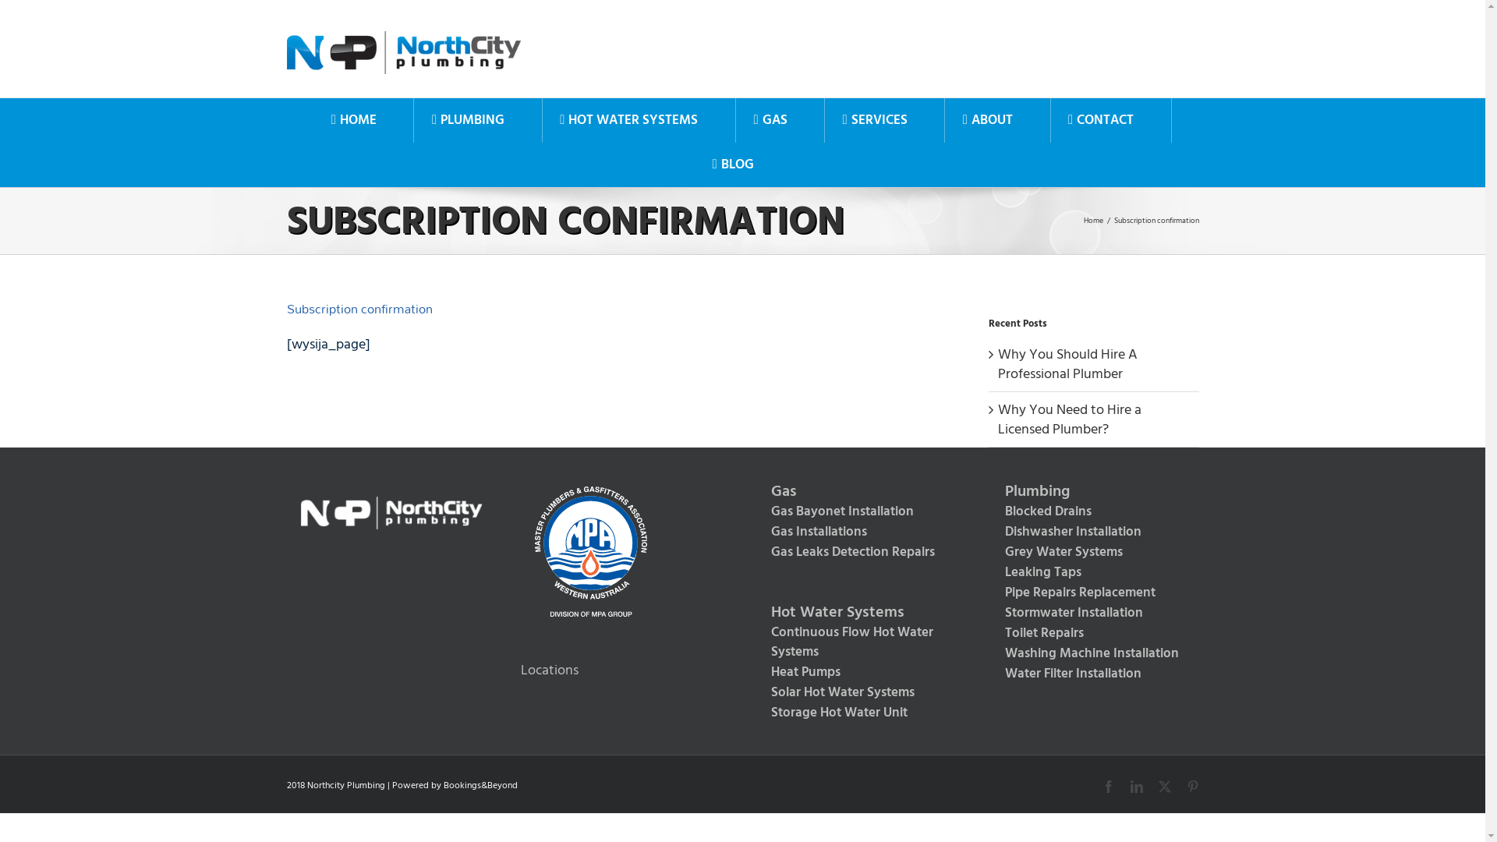 This screenshot has height=842, width=1497. What do you see at coordinates (755, 713) in the screenshot?
I see `'Storage Hot Water Unit'` at bounding box center [755, 713].